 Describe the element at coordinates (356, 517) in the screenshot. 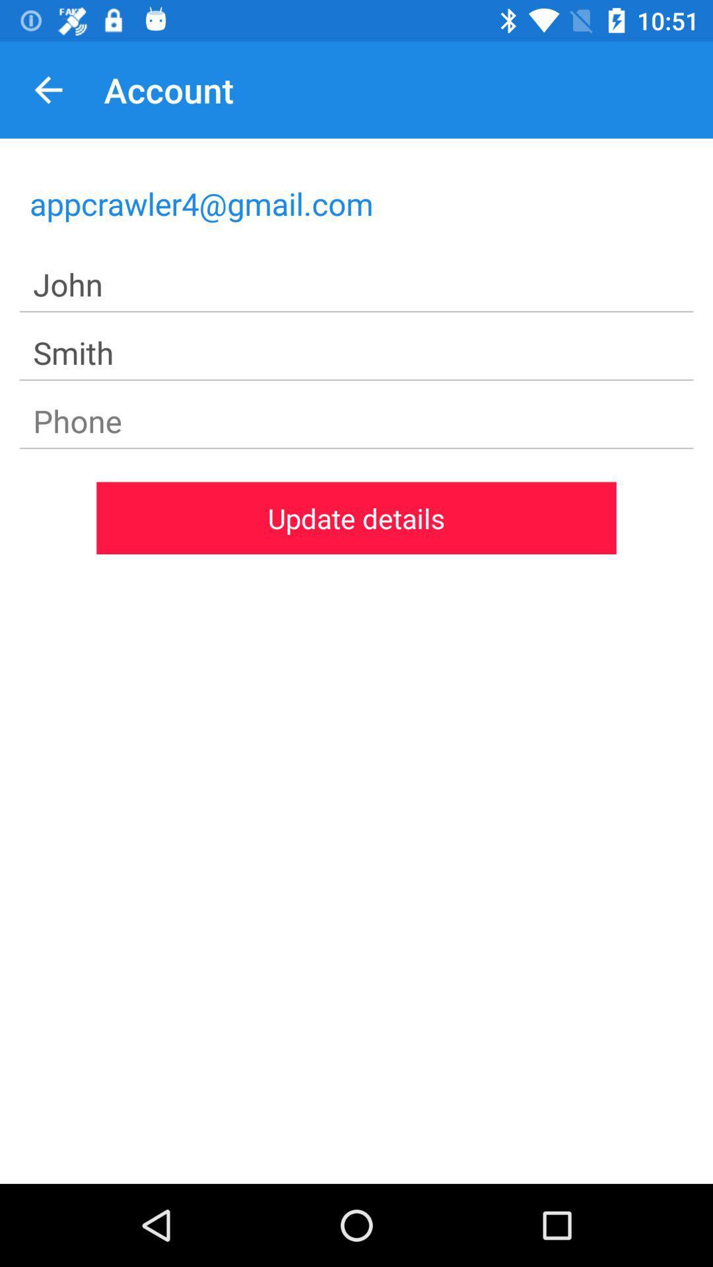

I see `icon at the center` at that location.